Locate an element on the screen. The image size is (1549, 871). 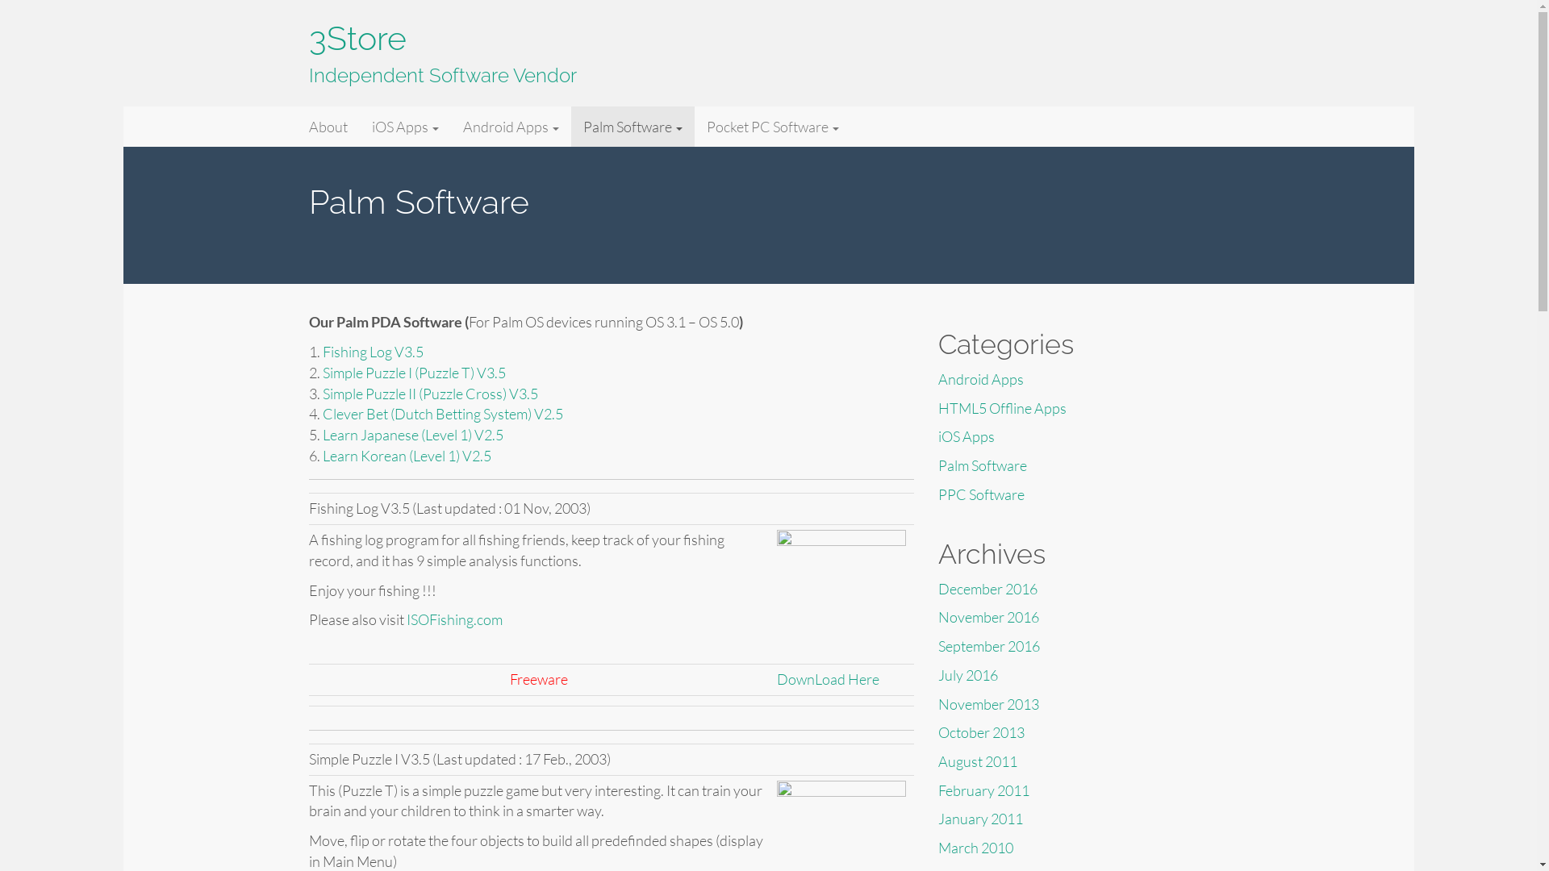
'Skip to content' is located at coordinates (122, 106).